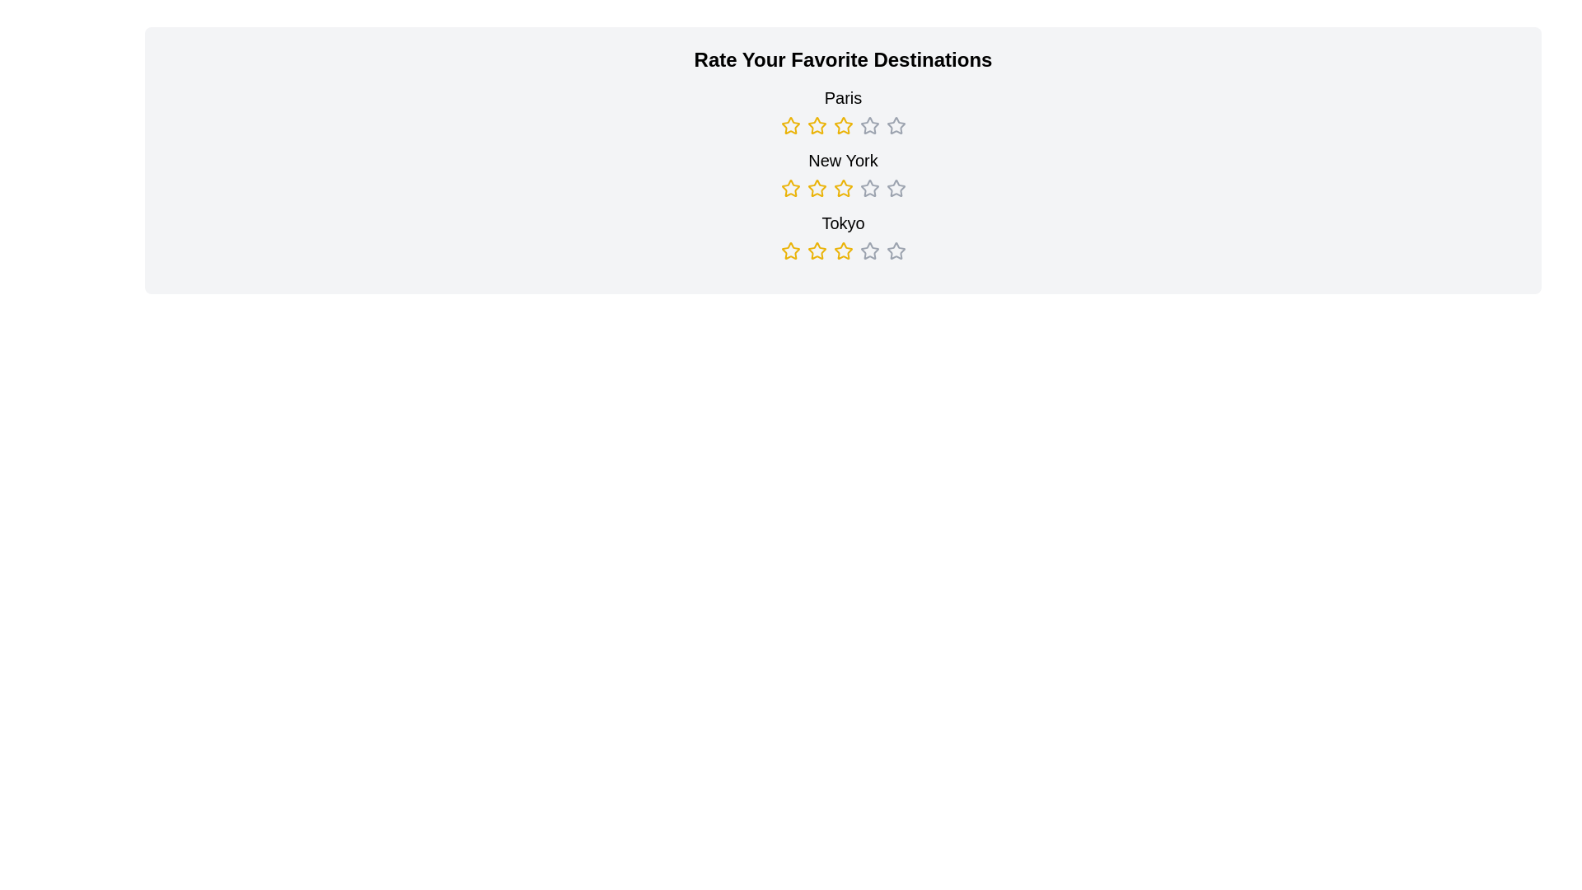 The image size is (1582, 890). I want to click on the text label that serves as the first destination heading for 'Paris', positioned between 'Rate Your Favorite Destinations' and the rating stars, so click(843, 111).